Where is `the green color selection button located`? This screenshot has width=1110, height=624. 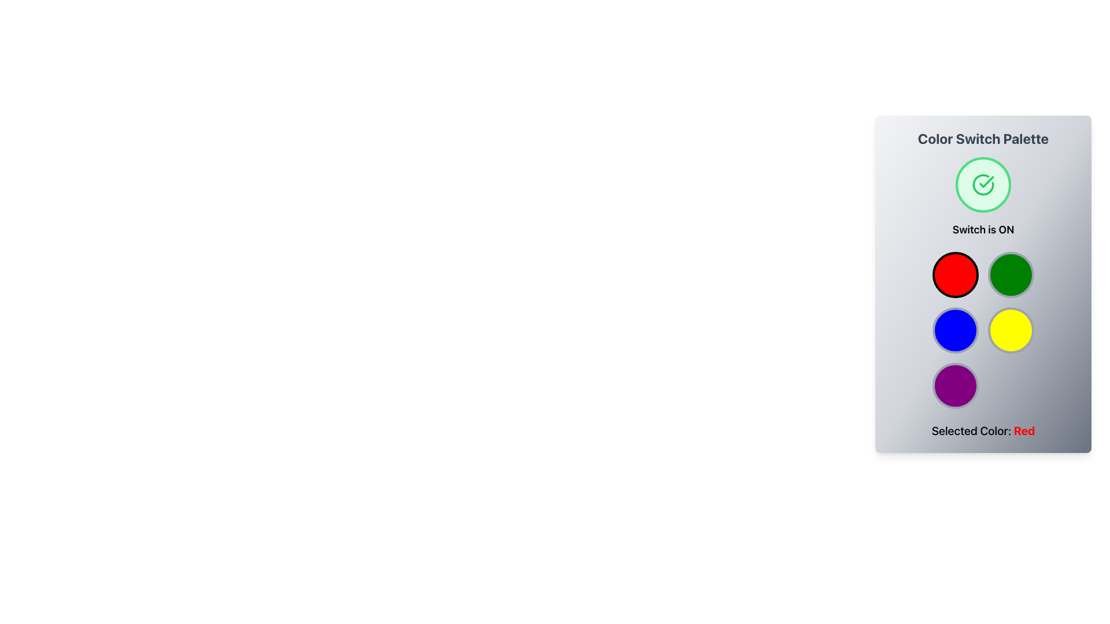 the green color selection button located is located at coordinates (1010, 274).